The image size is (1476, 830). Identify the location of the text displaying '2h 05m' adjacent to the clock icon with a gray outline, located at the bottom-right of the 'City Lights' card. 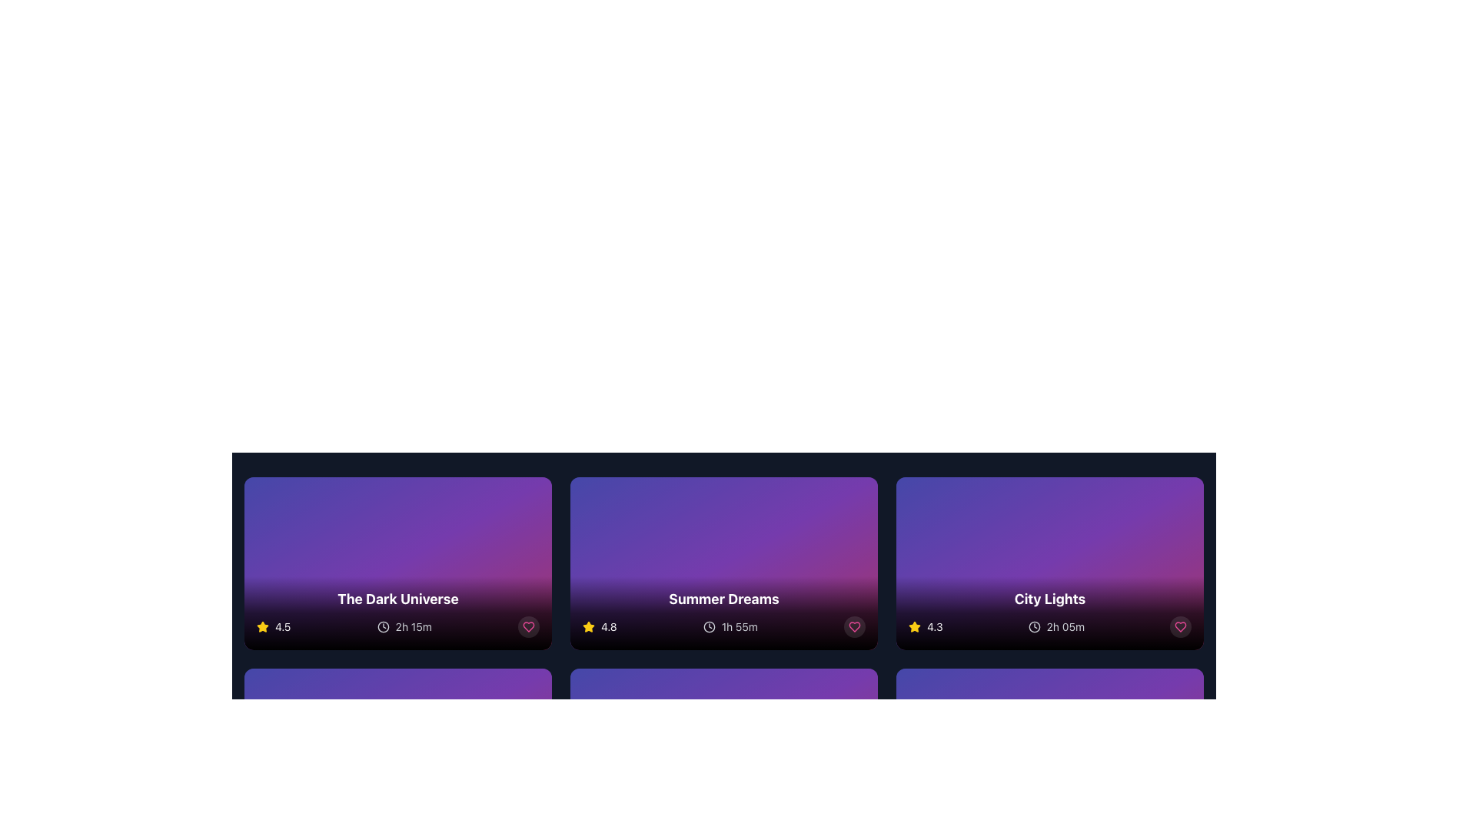
(1055, 627).